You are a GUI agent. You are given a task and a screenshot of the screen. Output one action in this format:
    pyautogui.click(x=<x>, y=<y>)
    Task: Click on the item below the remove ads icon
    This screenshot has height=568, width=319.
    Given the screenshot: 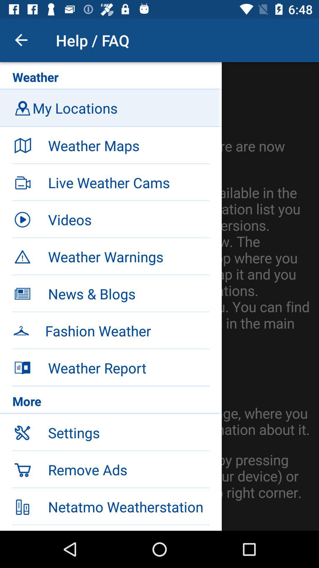 What is the action you would take?
    pyautogui.click(x=111, y=506)
    